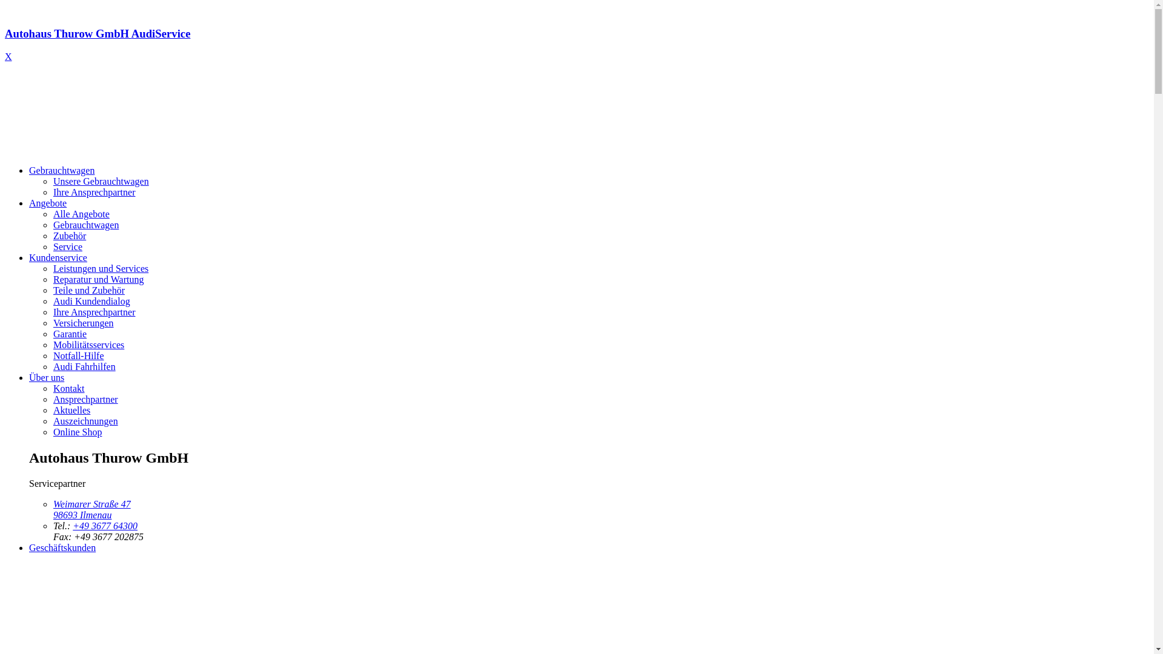 Image resolution: width=1163 pixels, height=654 pixels. I want to click on 'Gebrauchtwagen', so click(61, 170).